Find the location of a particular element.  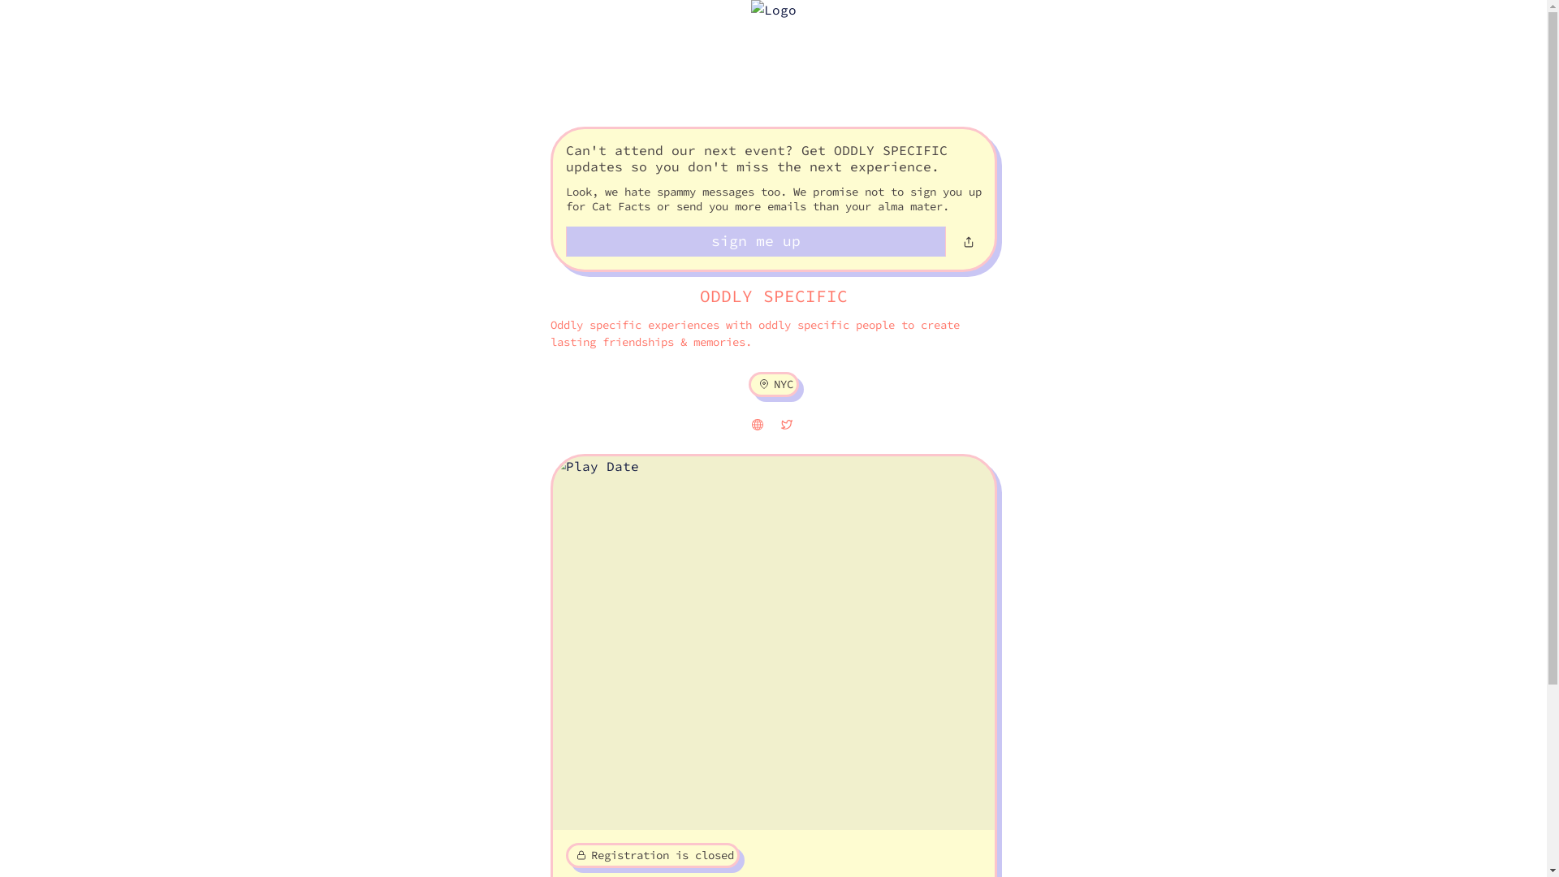

'sign me up' is located at coordinates (754, 241).